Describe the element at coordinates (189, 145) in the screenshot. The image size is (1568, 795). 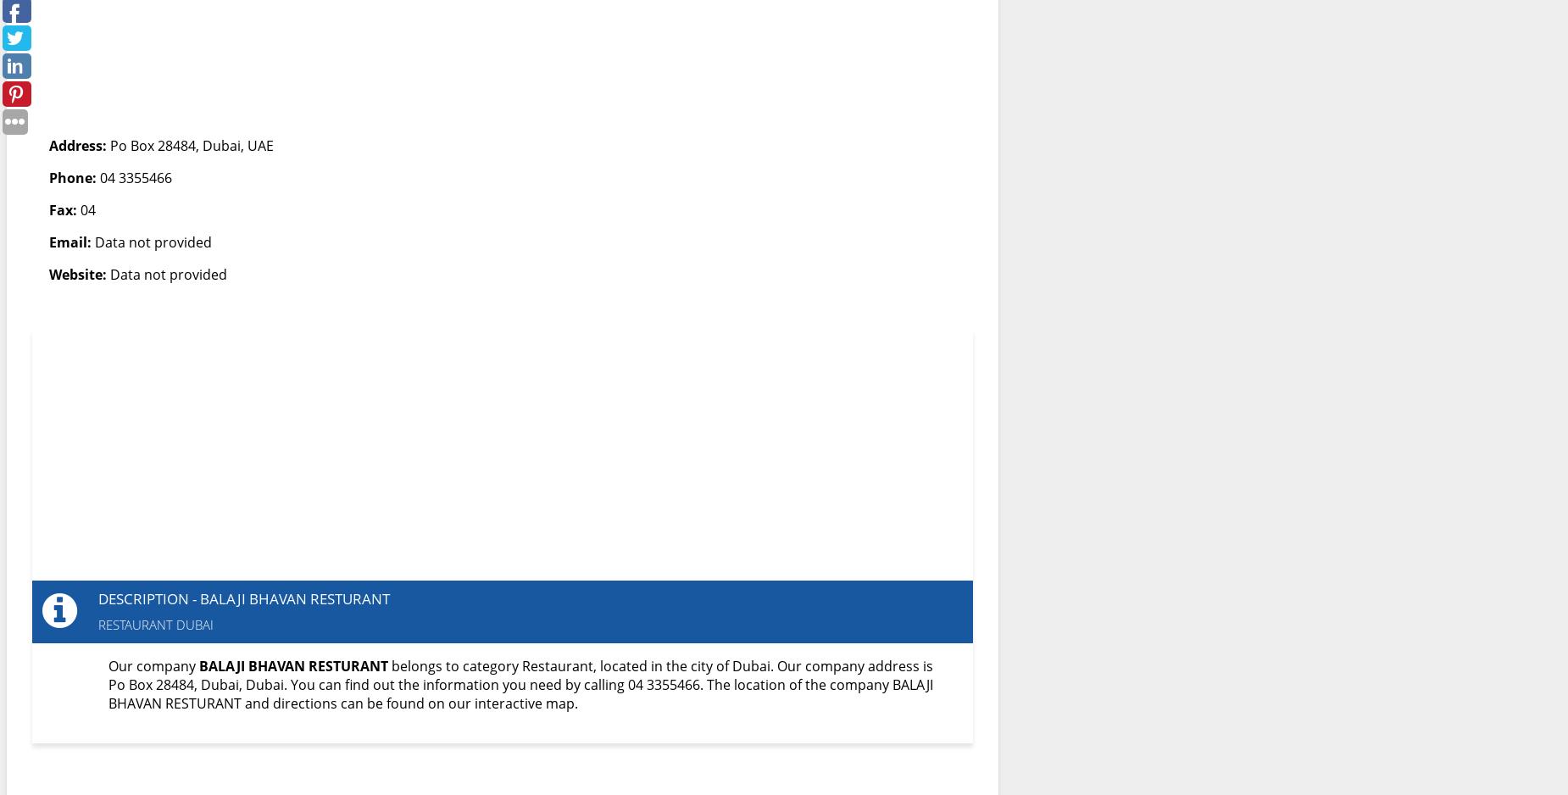
I see `'Po Box 28484, Dubai, UAE'` at that location.